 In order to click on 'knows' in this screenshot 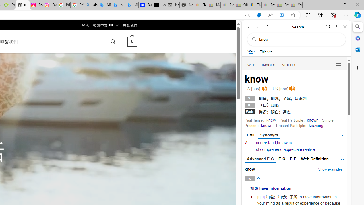, I will do `click(266, 125)`.